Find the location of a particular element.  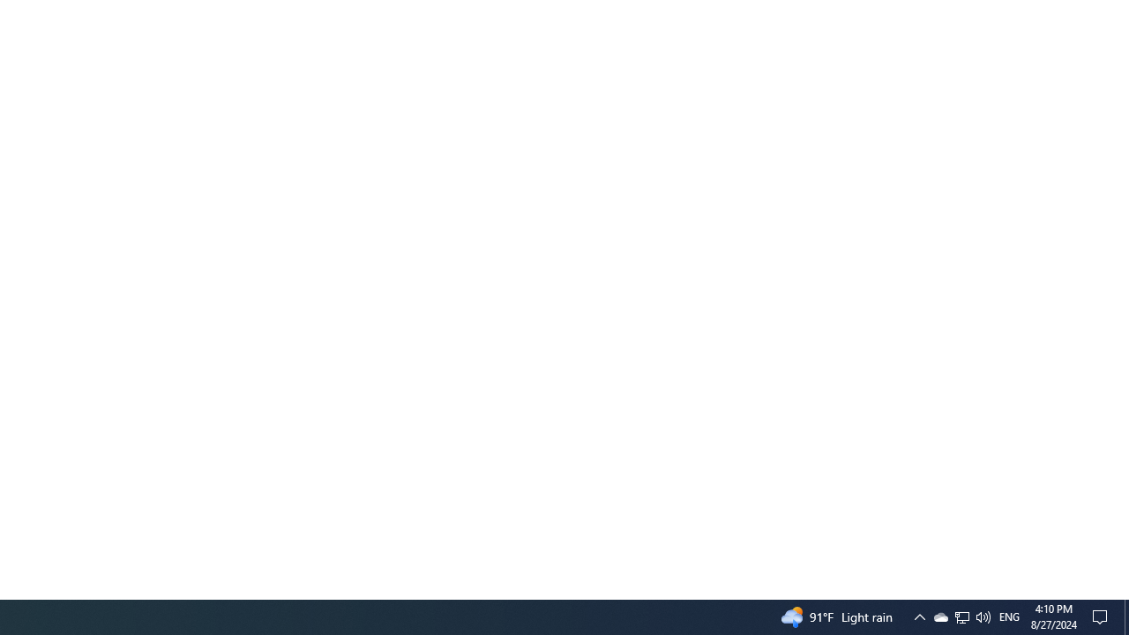

'Tray Input Indicator - English (United States)' is located at coordinates (1009, 616).